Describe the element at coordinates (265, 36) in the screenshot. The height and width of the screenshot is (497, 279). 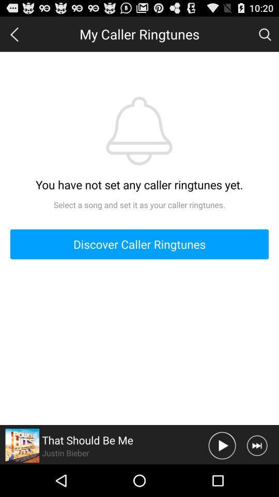
I see `the search icon` at that location.